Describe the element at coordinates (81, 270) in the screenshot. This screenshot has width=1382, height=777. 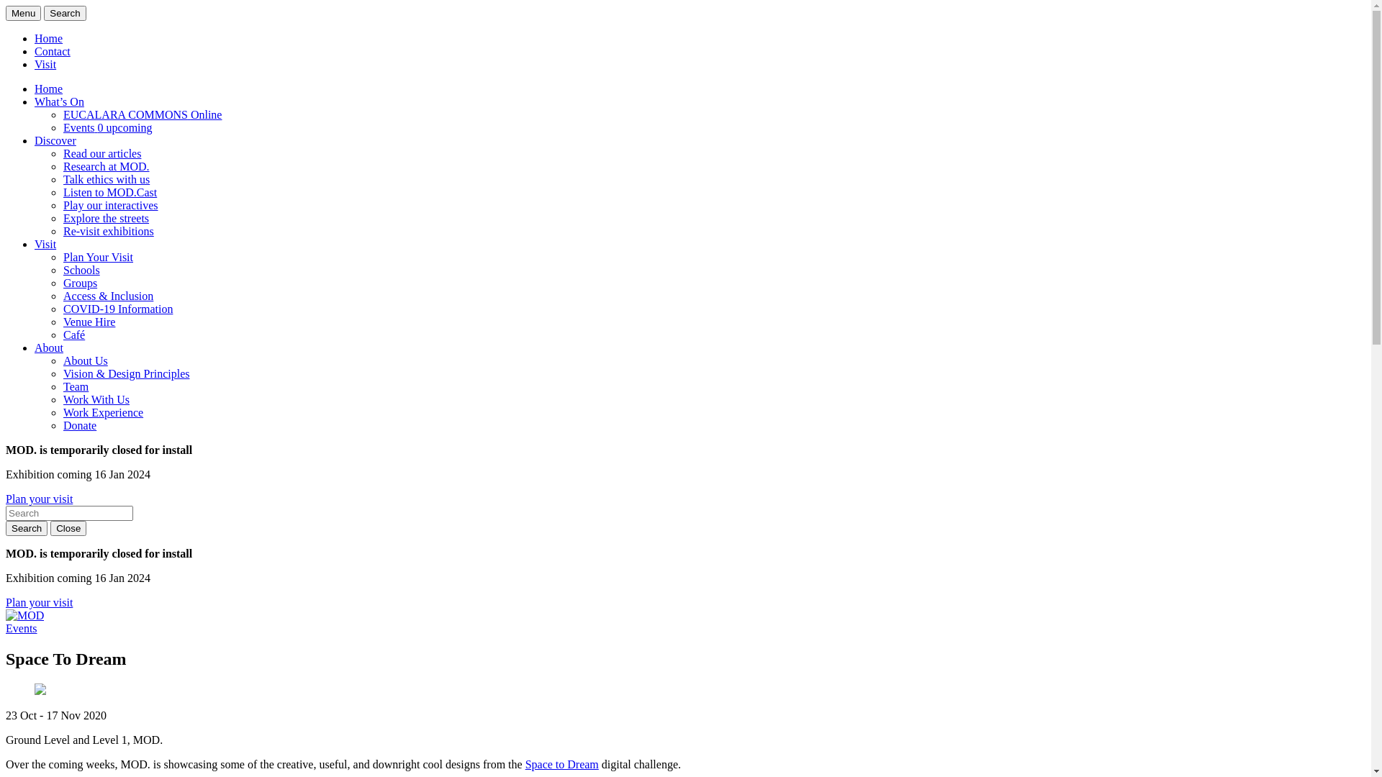
I see `'Schools'` at that location.